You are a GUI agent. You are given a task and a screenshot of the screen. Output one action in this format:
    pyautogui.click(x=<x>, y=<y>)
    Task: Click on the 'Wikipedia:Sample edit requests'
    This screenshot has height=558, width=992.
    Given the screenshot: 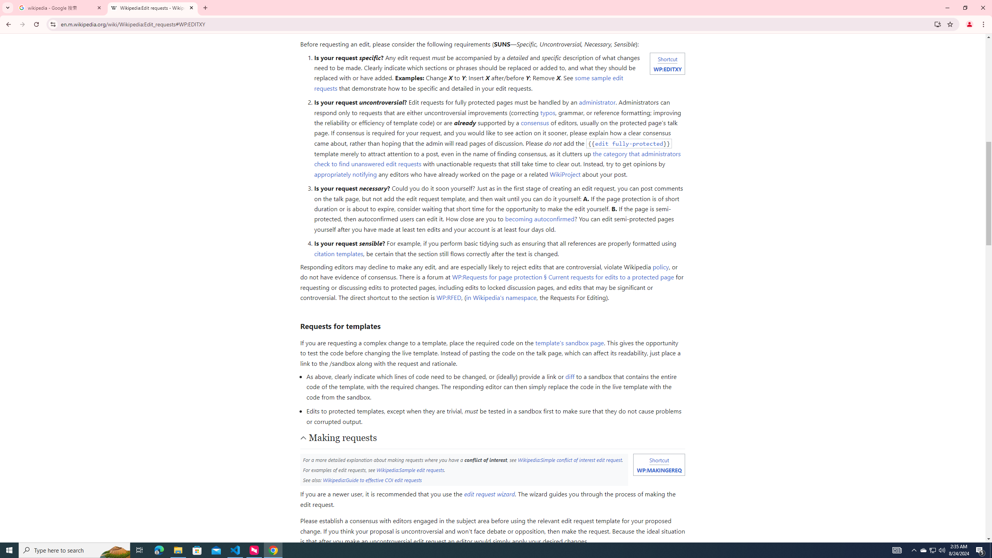 What is the action you would take?
    pyautogui.click(x=410, y=469)
    